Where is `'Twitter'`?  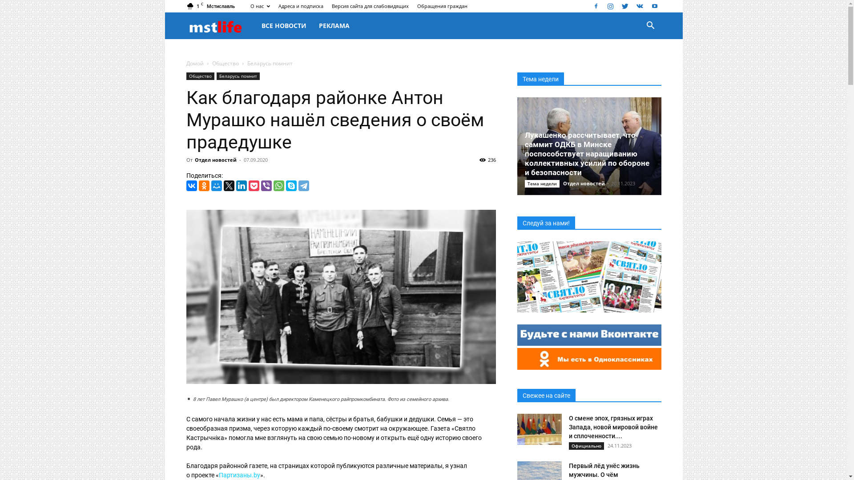 'Twitter' is located at coordinates (624, 6).